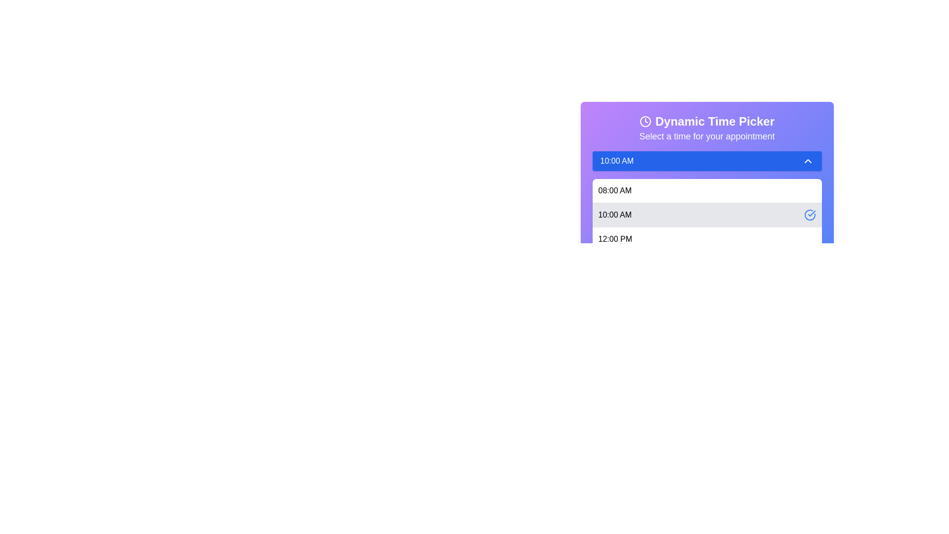 The image size is (949, 534). What do you see at coordinates (614, 190) in the screenshot?
I see `the first selectable time option '08:00 AM' in the dropdown list of the time picker interface` at bounding box center [614, 190].